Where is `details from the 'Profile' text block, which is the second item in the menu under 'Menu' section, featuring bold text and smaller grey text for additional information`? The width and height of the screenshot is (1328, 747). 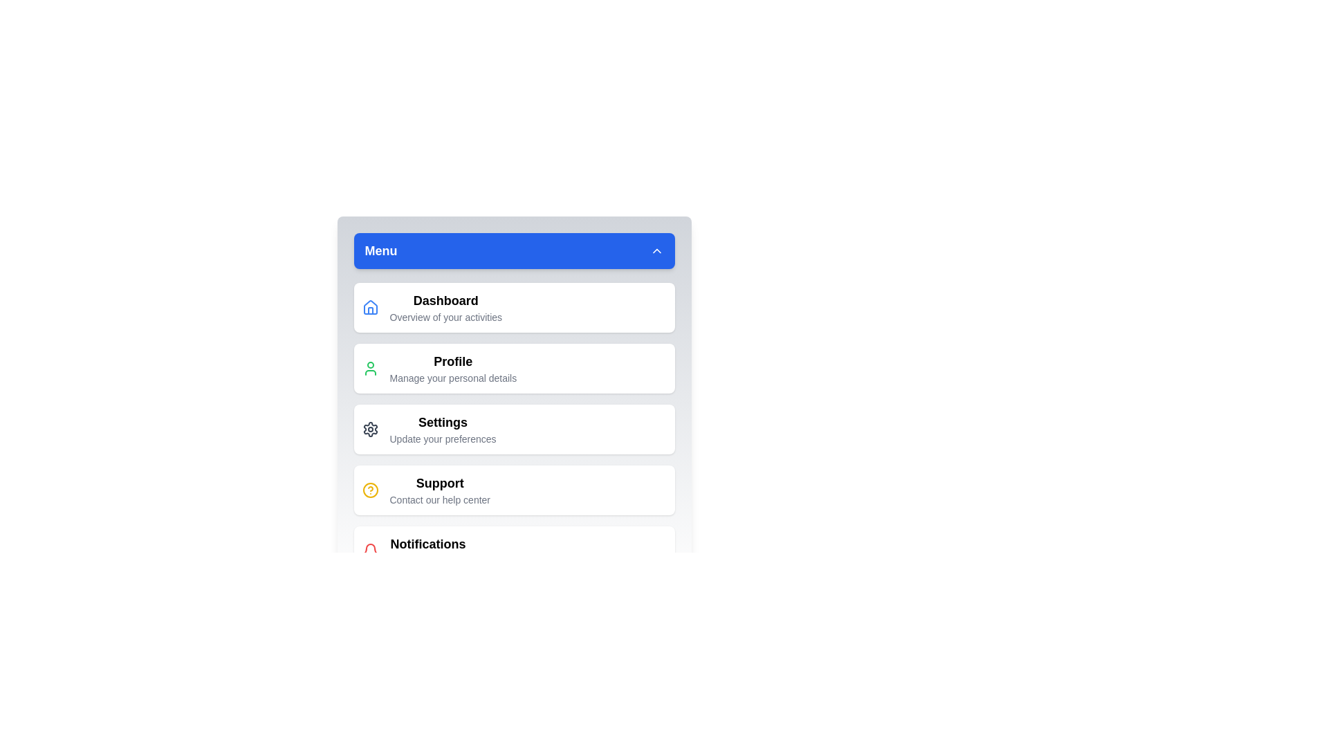
details from the 'Profile' text block, which is the second item in the menu under 'Menu' section, featuring bold text and smaller grey text for additional information is located at coordinates (453, 367).